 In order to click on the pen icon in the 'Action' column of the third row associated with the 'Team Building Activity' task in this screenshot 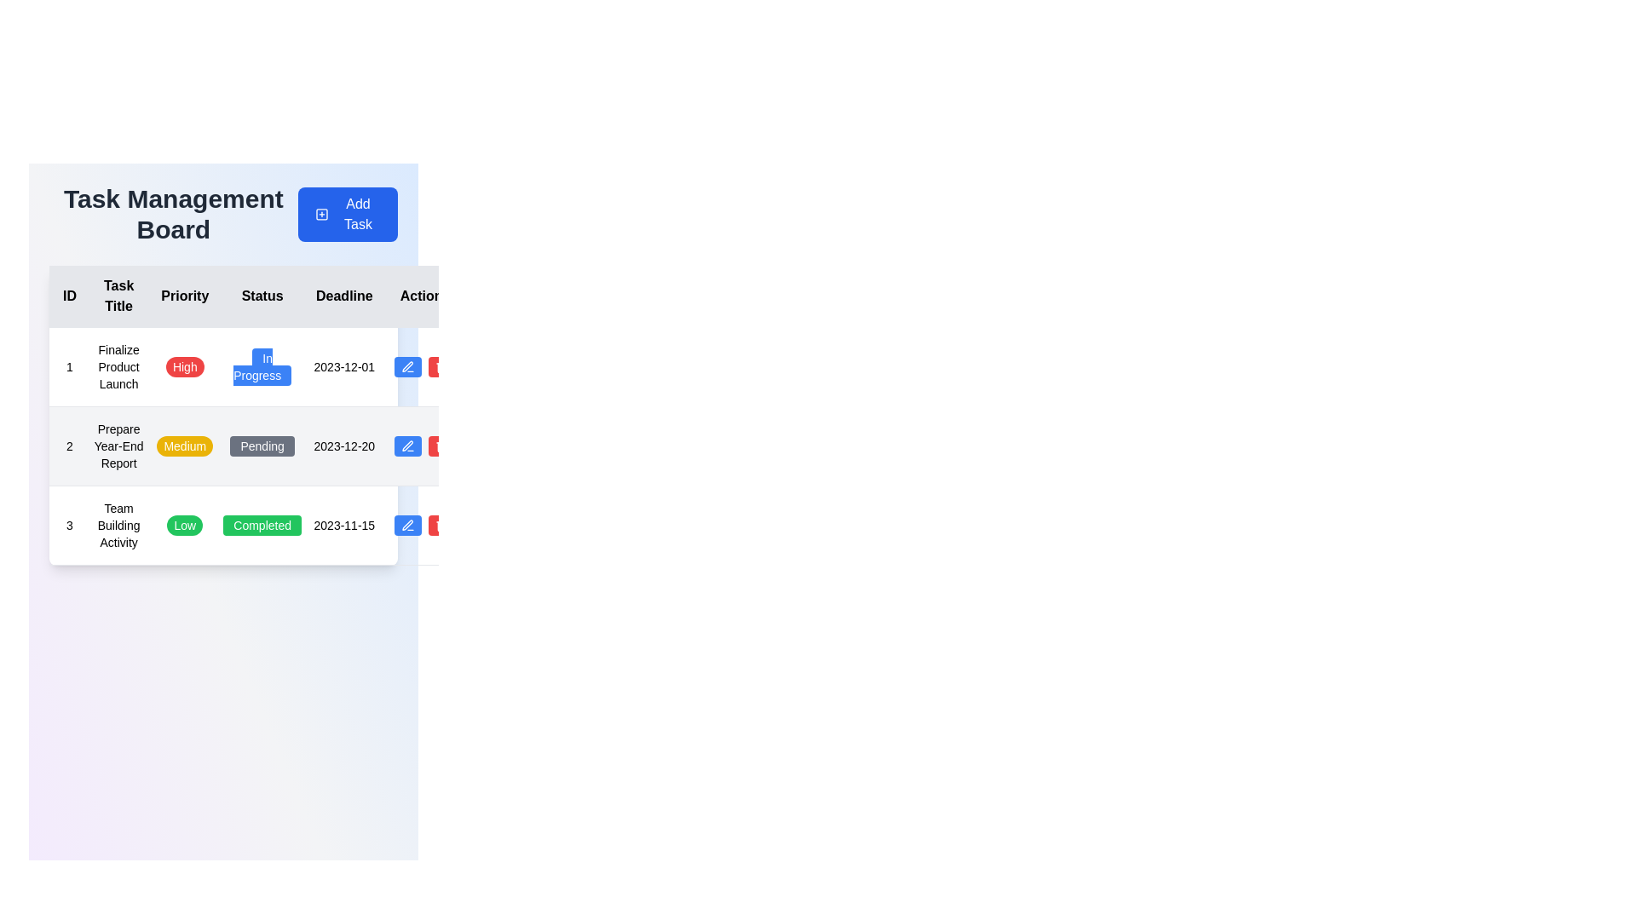, I will do `click(407, 525)`.